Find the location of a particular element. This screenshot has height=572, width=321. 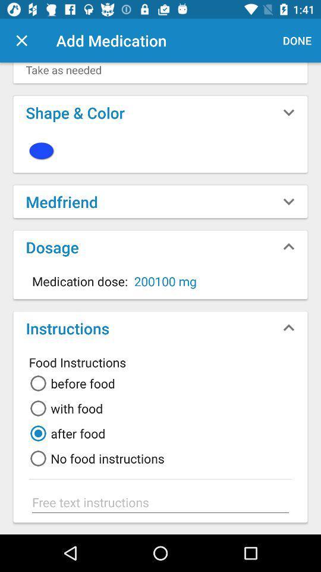

the drop down of medfriend is located at coordinates (288, 201).